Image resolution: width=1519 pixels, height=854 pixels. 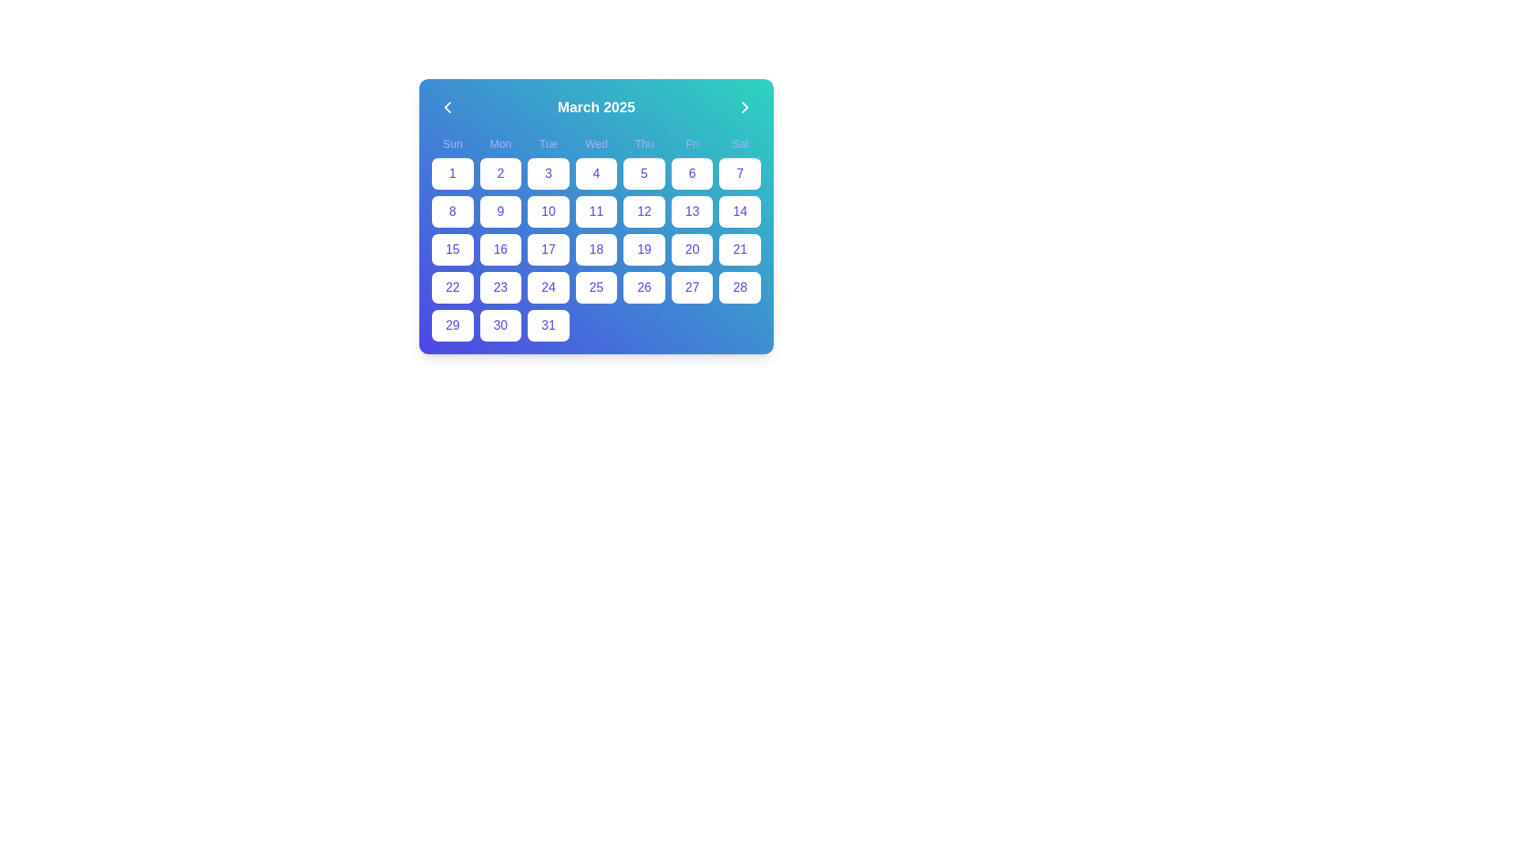 I want to click on any date in the calendar grid for March 2025, so click(x=595, y=238).